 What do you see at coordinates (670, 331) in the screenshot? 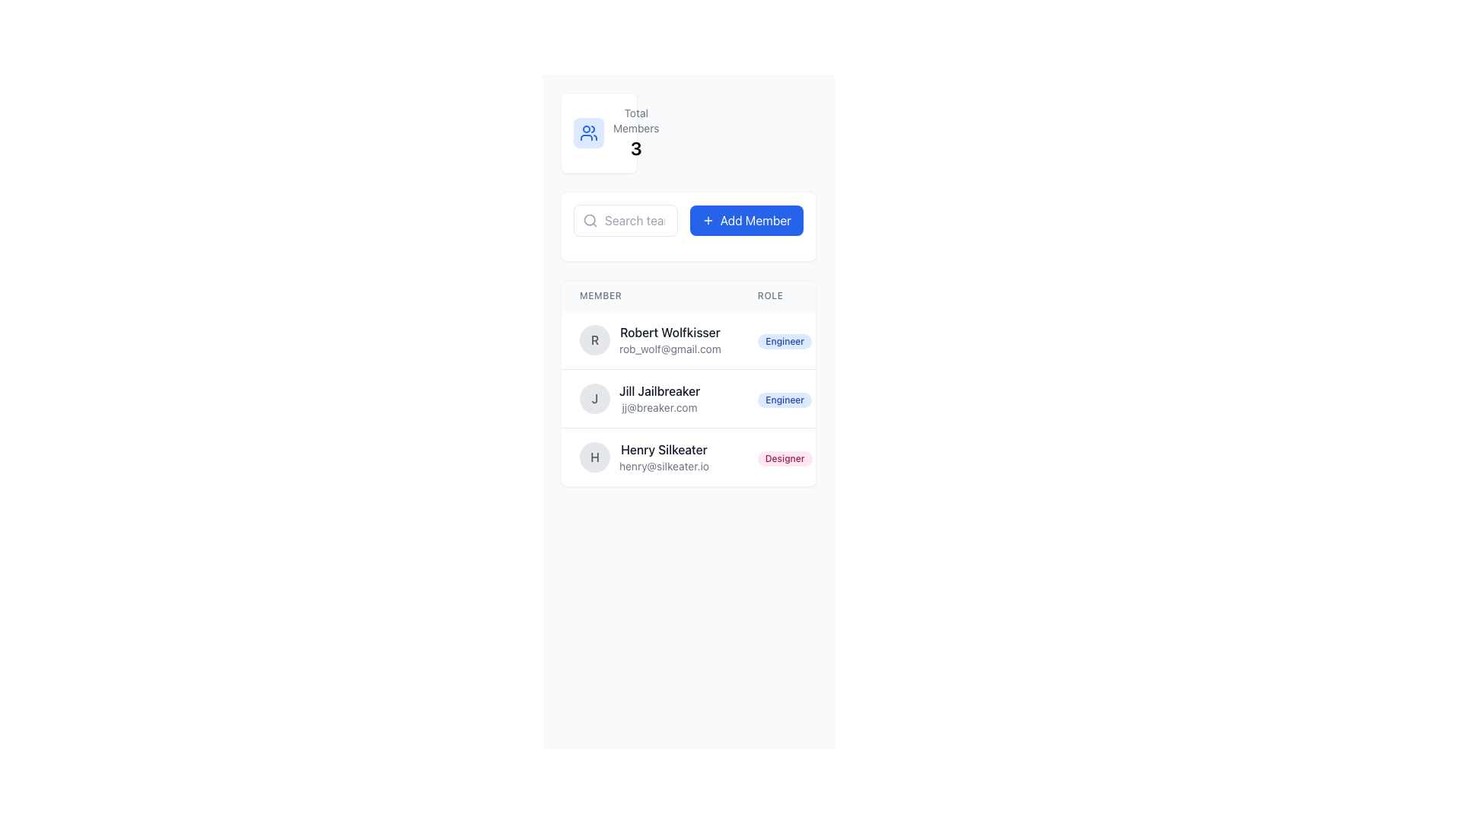
I see `the Text Label displaying the name 'Robert Wolfkisser' which is in bold styling and located in the first row of the member listing` at bounding box center [670, 331].